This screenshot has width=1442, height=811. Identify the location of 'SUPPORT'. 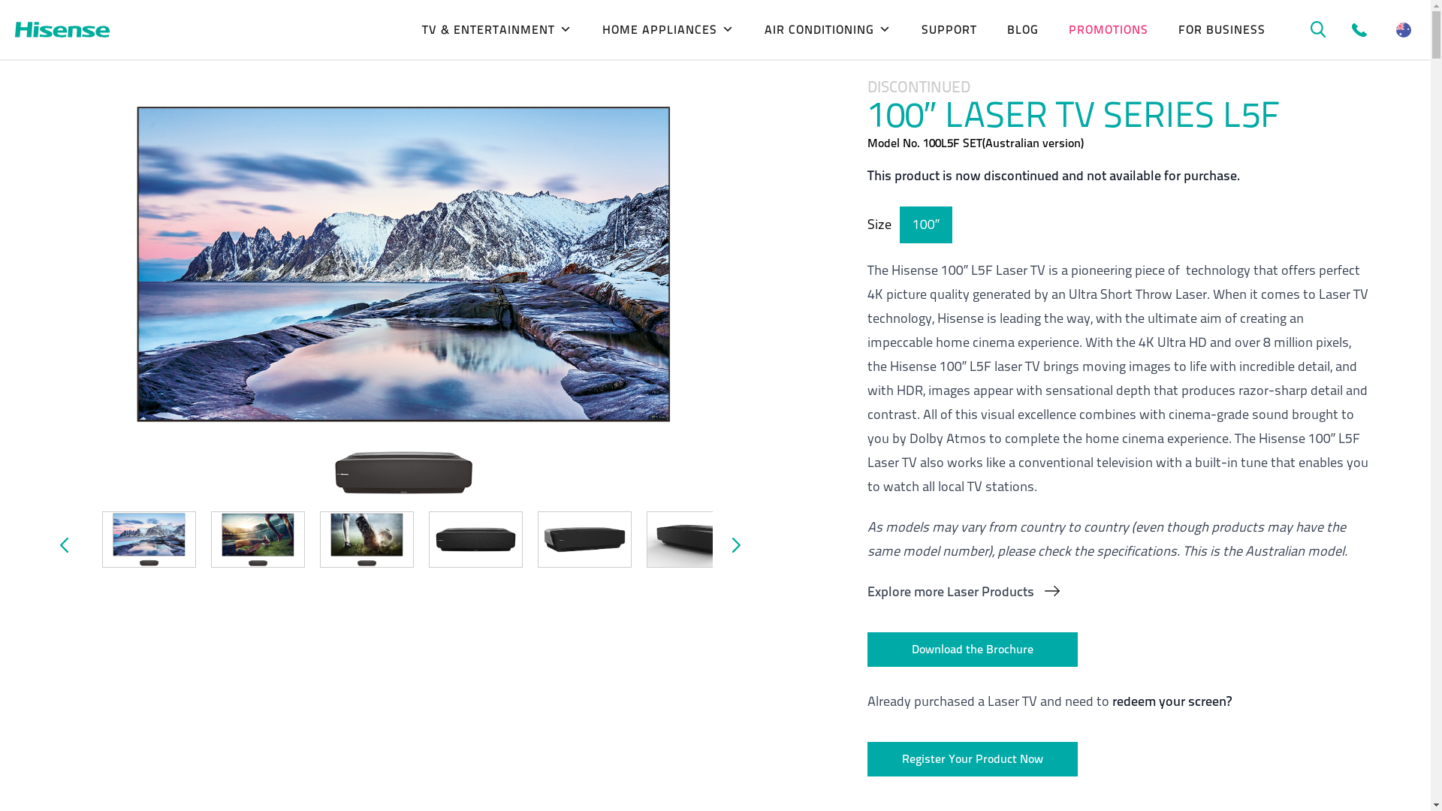
(948, 29).